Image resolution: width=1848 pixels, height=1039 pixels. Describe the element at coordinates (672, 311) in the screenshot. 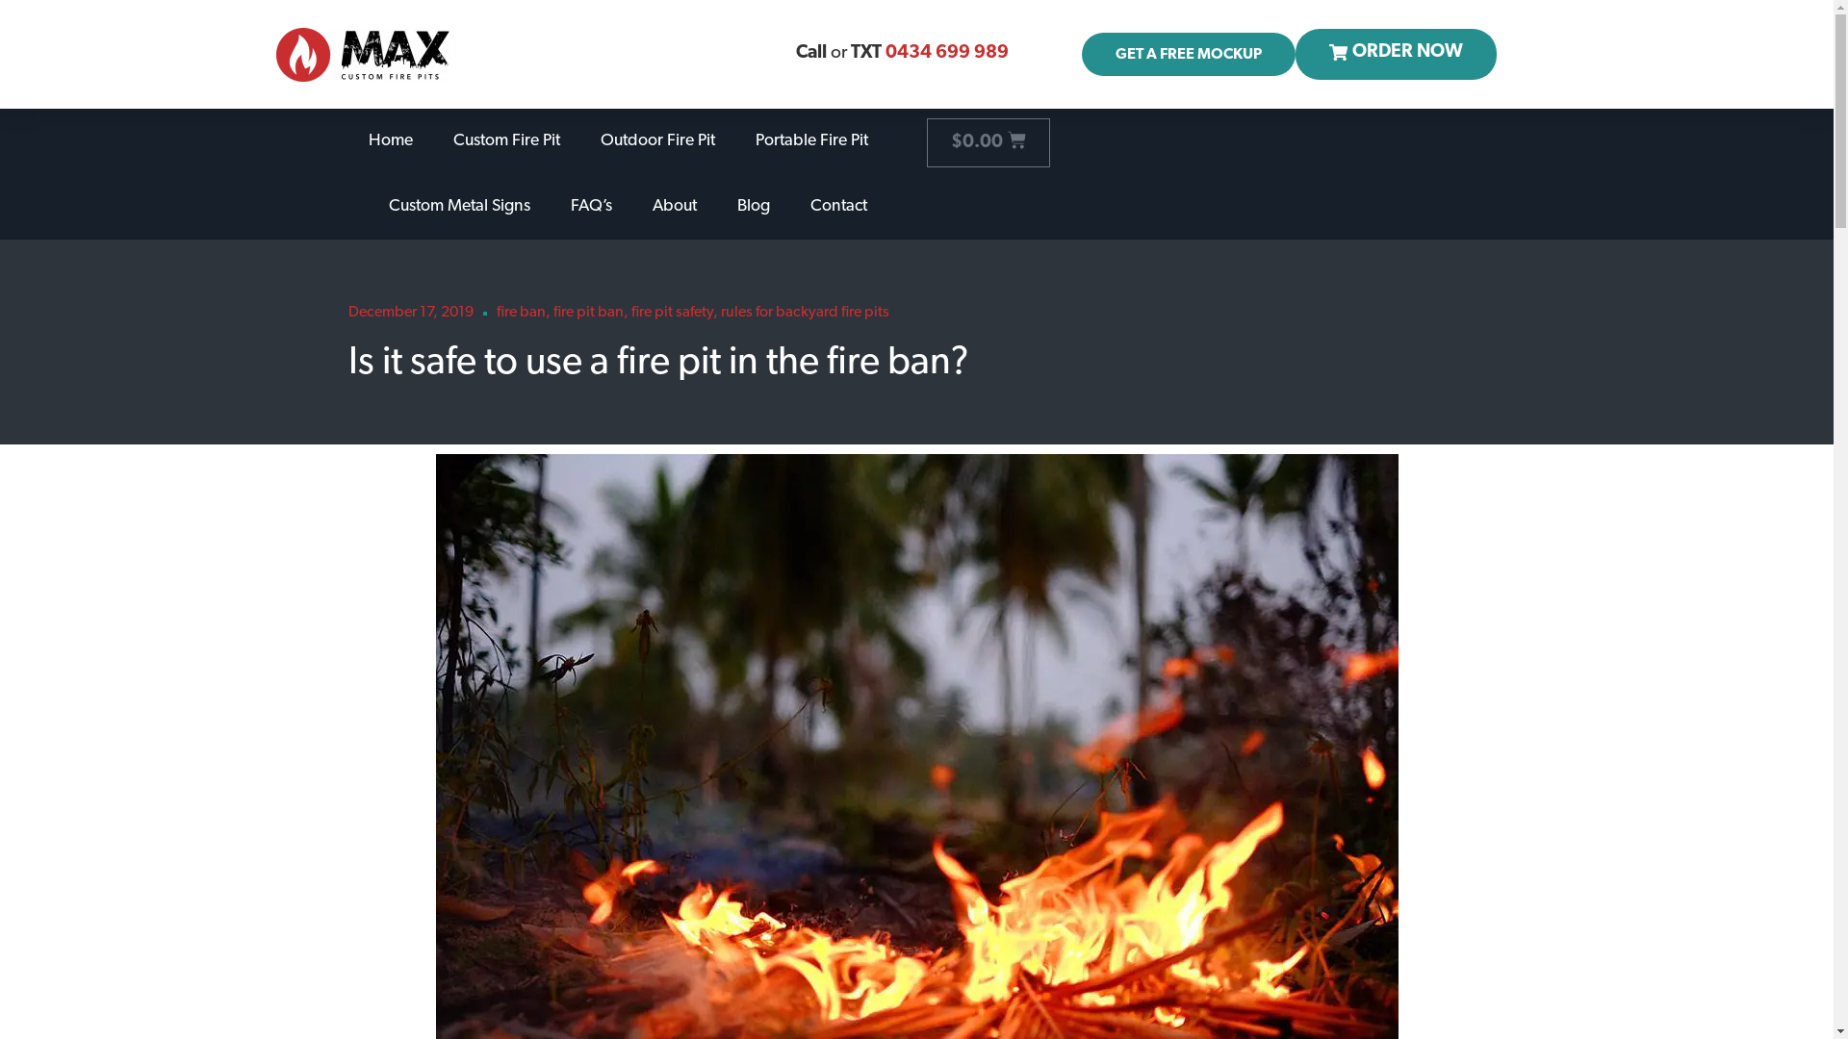

I see `'fire pit safety'` at that location.